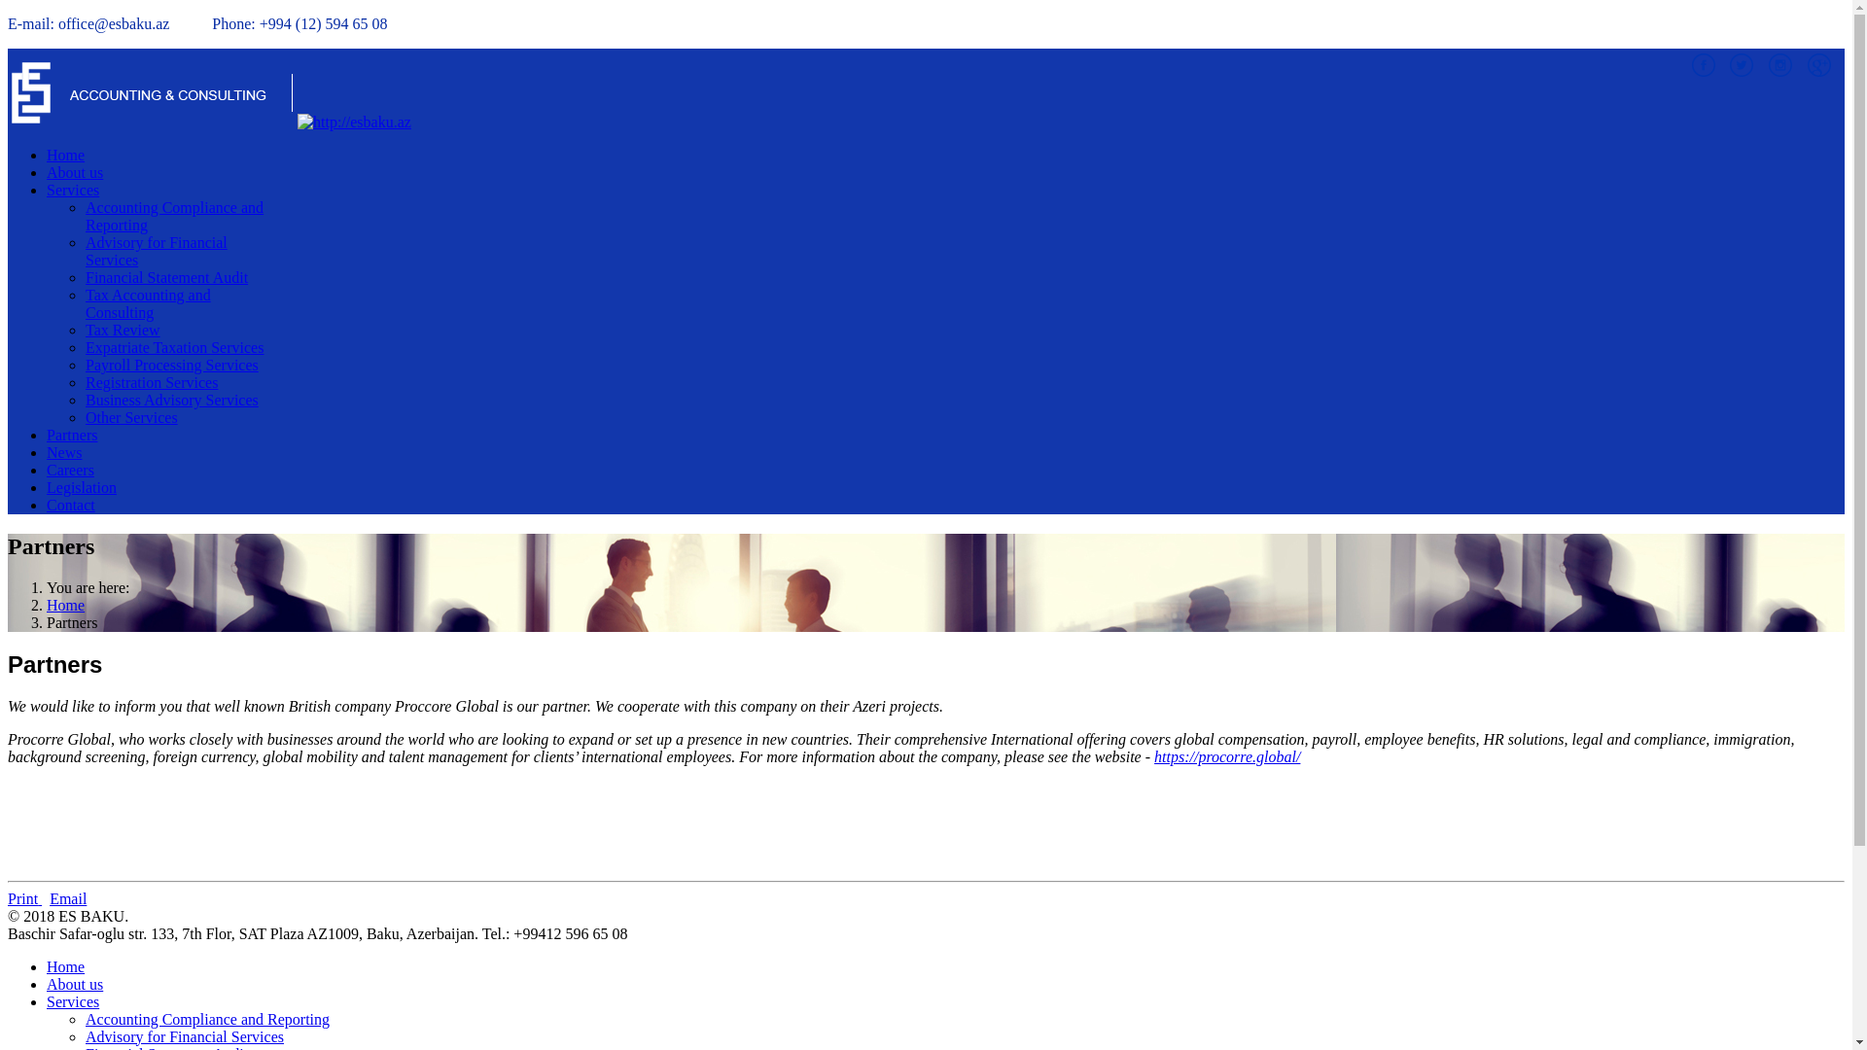 The image size is (1867, 1050). I want to click on 'Careers', so click(70, 470).